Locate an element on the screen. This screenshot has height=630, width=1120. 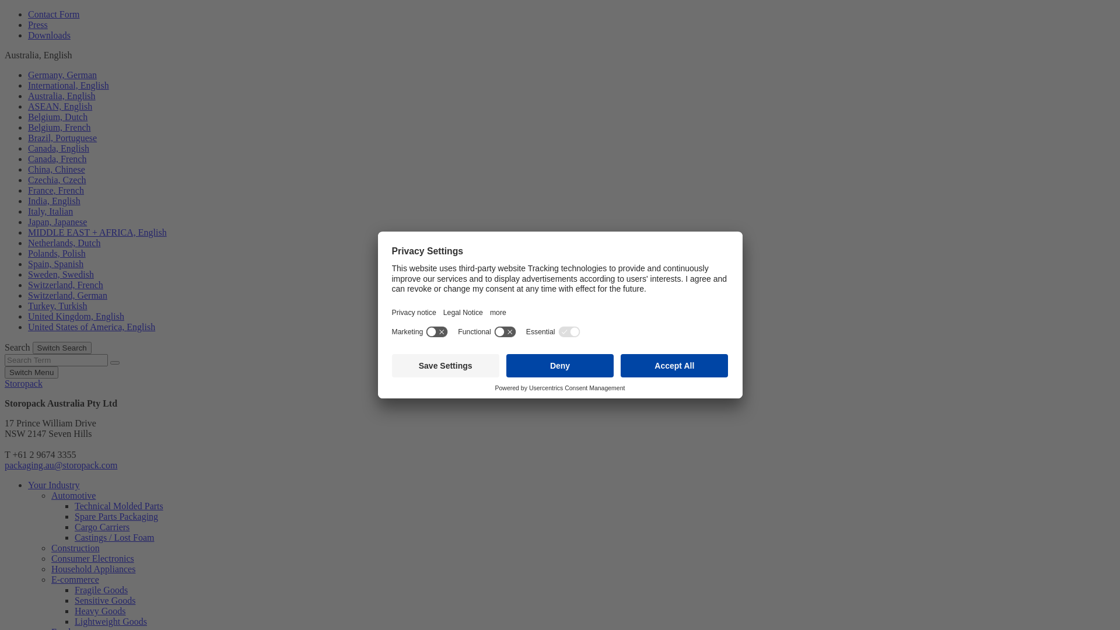
'China, Chinese' is located at coordinates (55, 169).